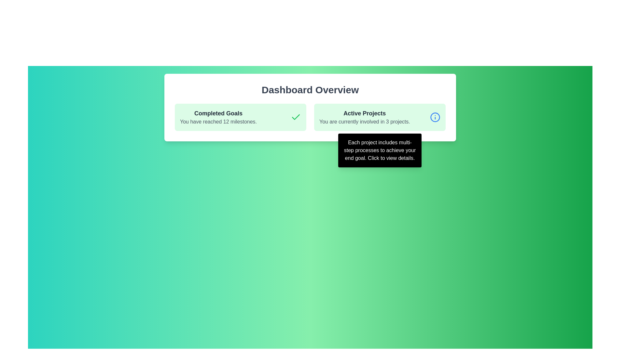 The width and height of the screenshot is (625, 351). What do you see at coordinates (295, 116) in the screenshot?
I see `the green checkmark icon representing a completed state in the 'Completed Goals' section of the dashboard` at bounding box center [295, 116].